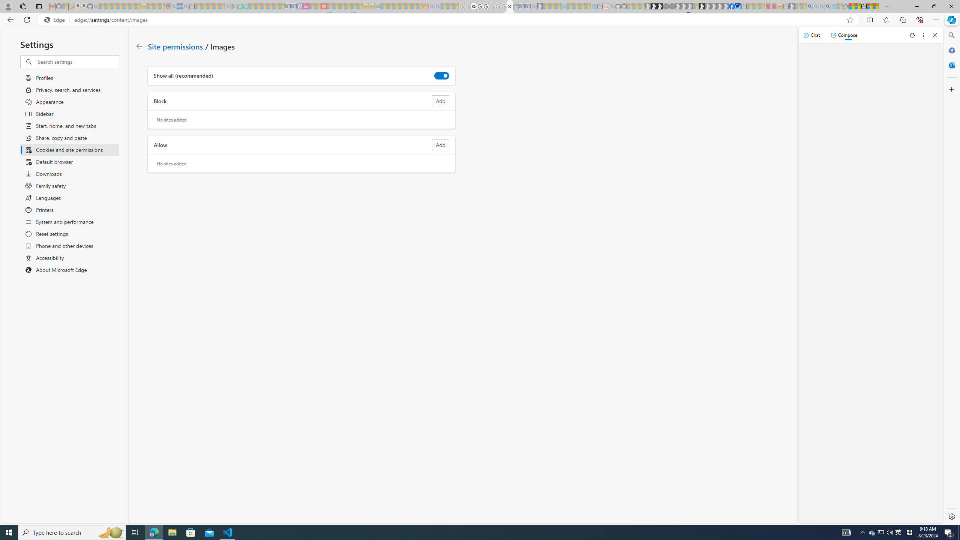 This screenshot has height=540, width=960. What do you see at coordinates (810, 6) in the screenshot?
I see `'Bing AI - Search'` at bounding box center [810, 6].